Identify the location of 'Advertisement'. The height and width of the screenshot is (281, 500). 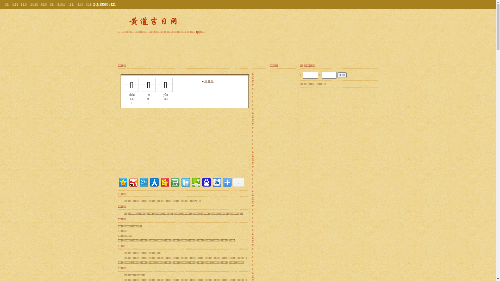
(150, 144).